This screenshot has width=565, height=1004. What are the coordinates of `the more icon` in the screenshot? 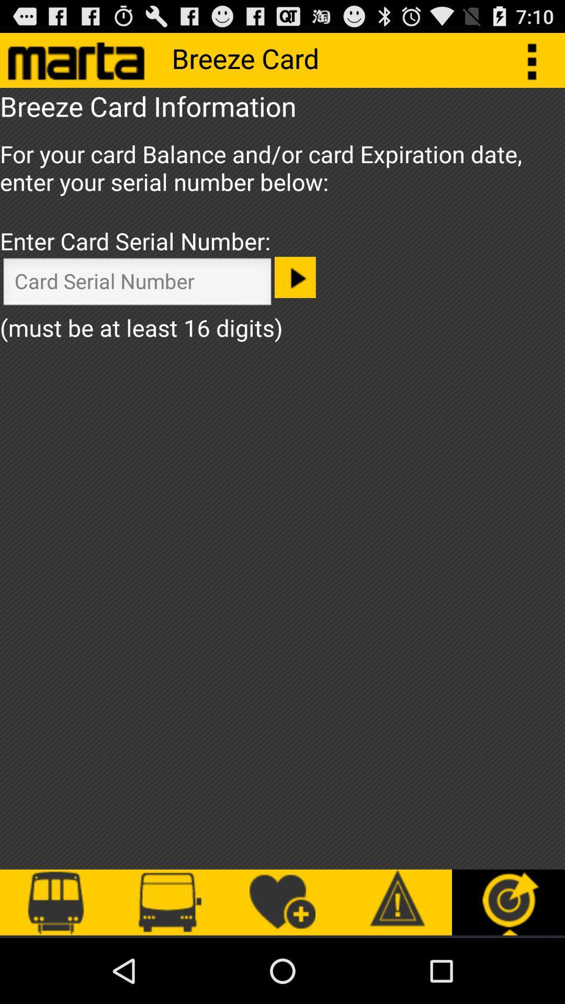 It's located at (537, 64).